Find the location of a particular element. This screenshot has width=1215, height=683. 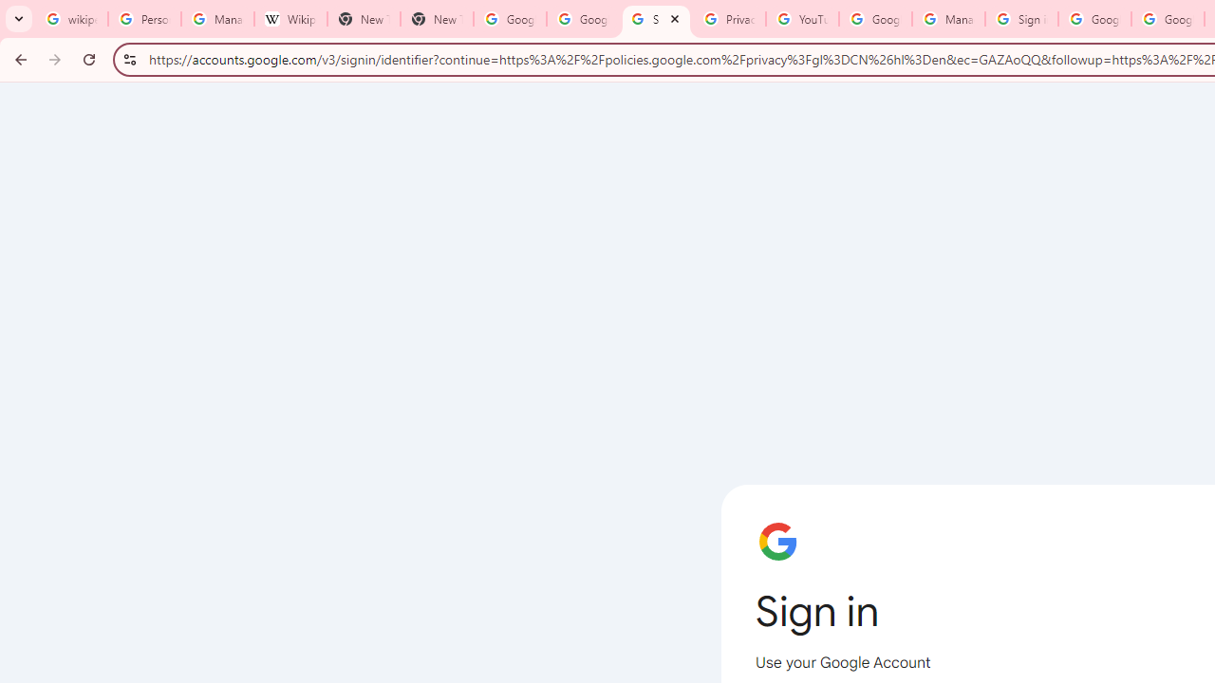

'Google Account Help' is located at coordinates (874, 19).